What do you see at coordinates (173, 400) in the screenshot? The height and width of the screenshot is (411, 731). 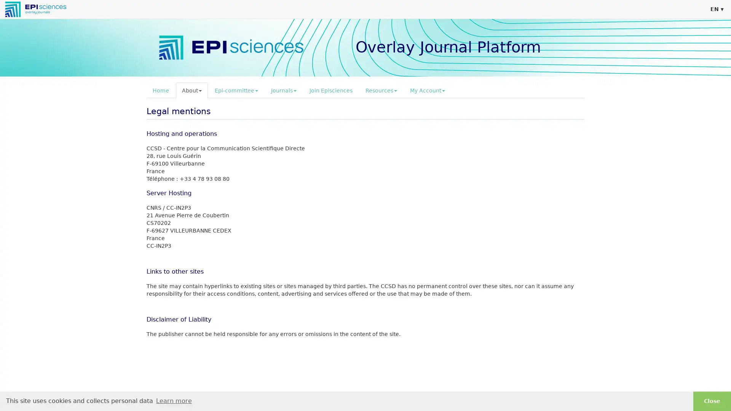 I see `learn more about cookies` at bounding box center [173, 400].